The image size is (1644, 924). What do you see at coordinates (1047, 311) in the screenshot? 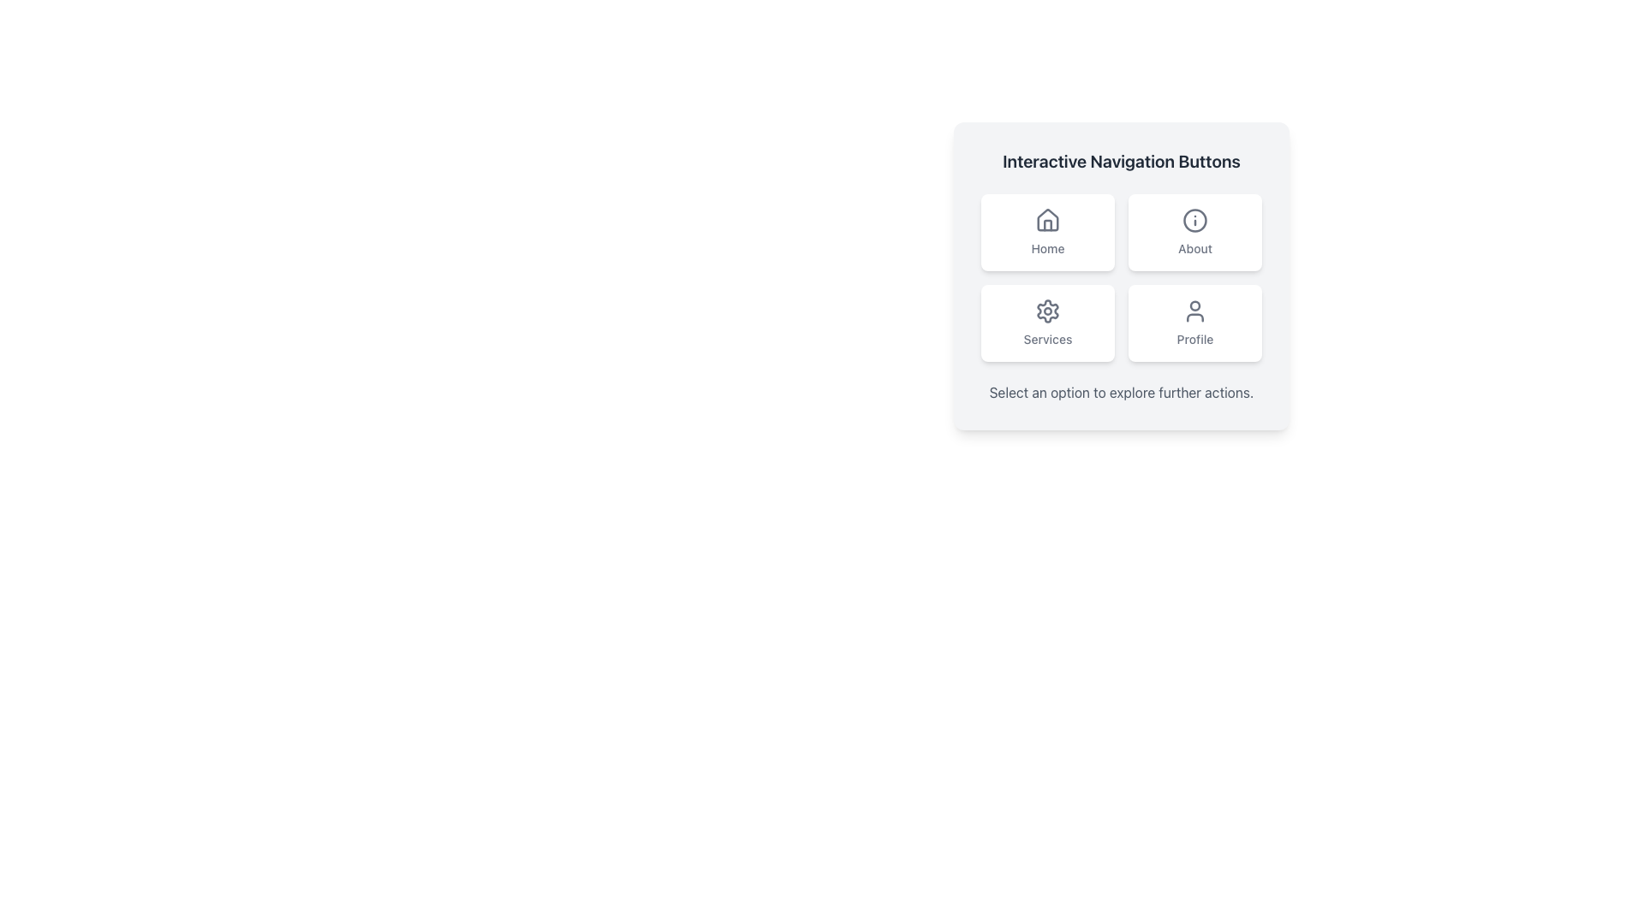
I see `the gear icon representing the 'Services' functionality, which is located at the top center of the 'Services' button in the navigation options grid` at bounding box center [1047, 311].